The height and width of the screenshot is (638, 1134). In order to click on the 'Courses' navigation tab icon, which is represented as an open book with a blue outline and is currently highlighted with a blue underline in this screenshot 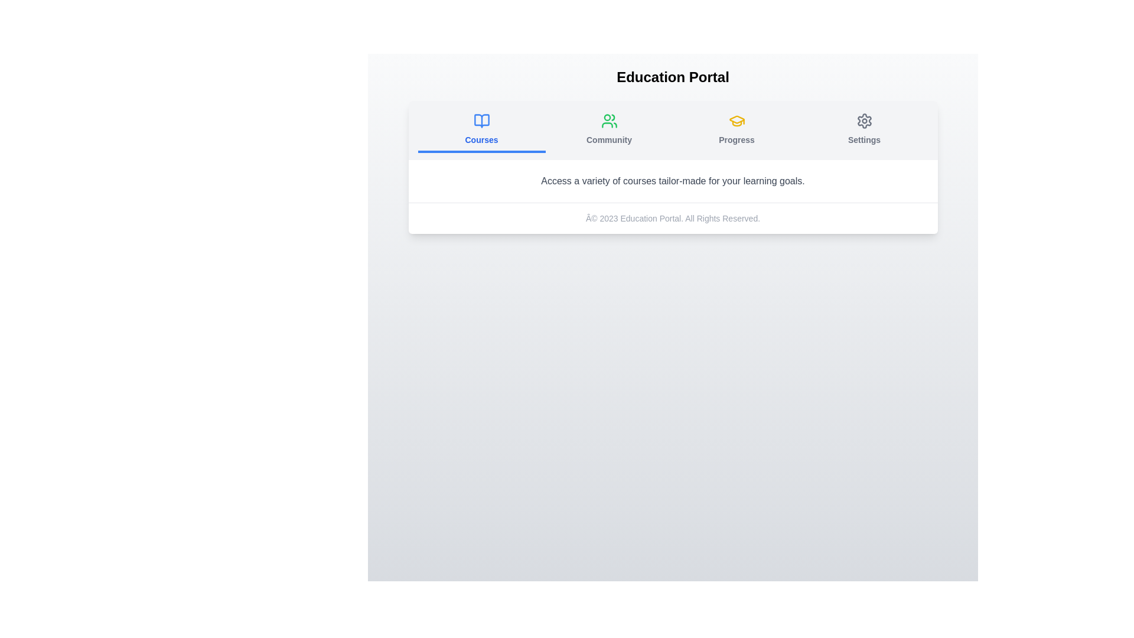, I will do `click(481, 121)`.